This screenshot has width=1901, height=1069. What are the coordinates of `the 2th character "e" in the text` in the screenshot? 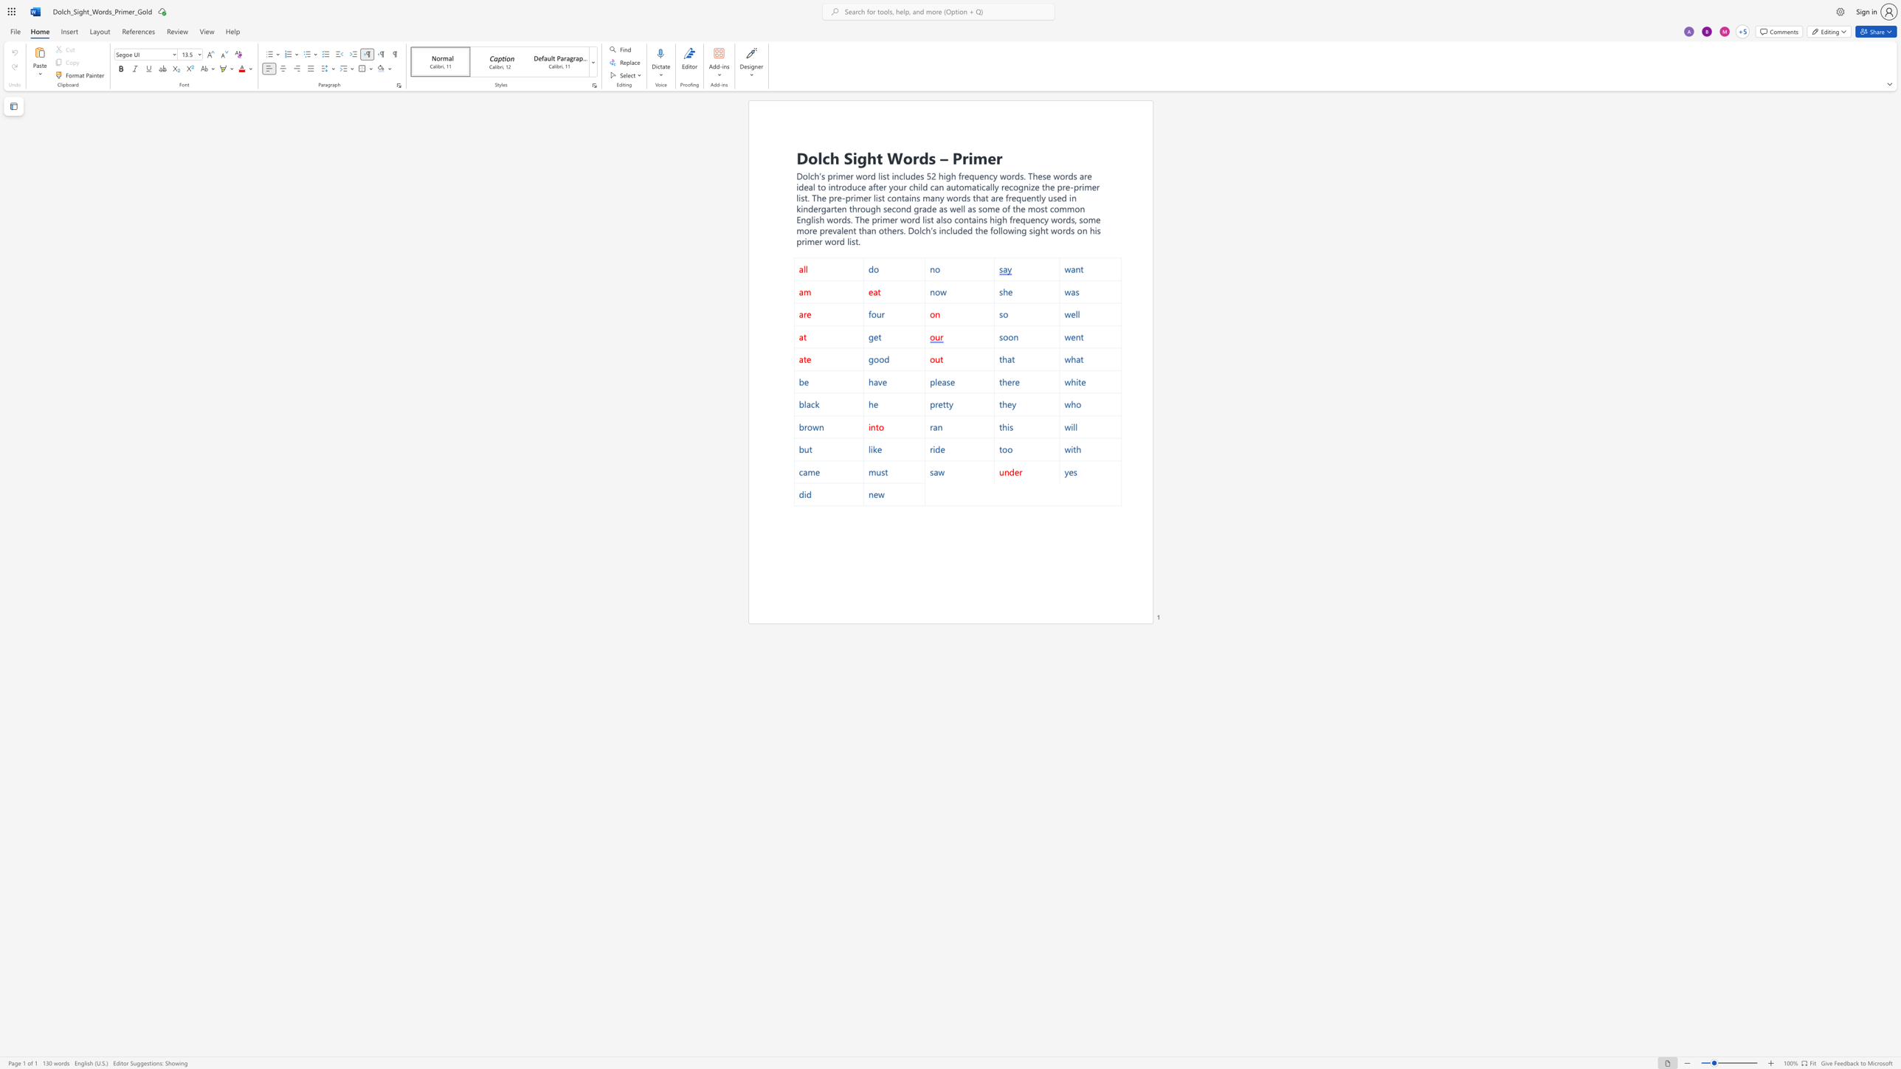 It's located at (1028, 198).